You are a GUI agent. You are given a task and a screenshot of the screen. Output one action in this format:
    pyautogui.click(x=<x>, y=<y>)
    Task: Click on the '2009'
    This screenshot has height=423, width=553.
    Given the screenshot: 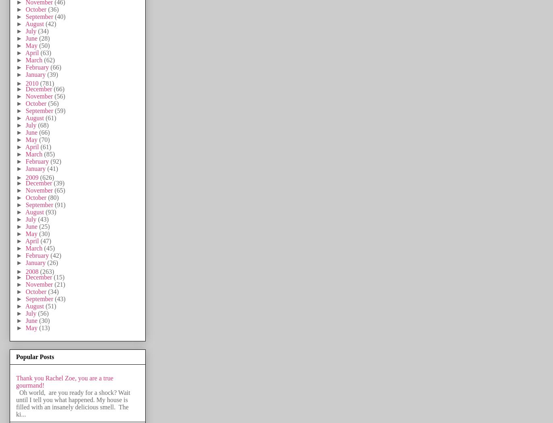 What is the action you would take?
    pyautogui.click(x=32, y=177)
    